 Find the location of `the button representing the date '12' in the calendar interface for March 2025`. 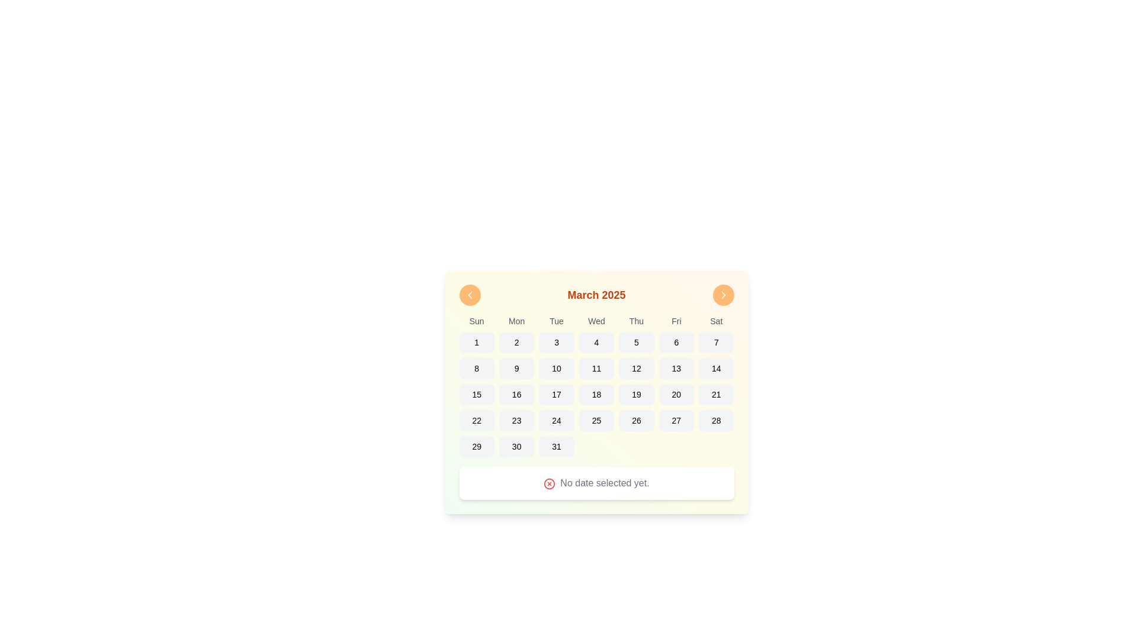

the button representing the date '12' in the calendar interface for March 2025 is located at coordinates (635, 368).